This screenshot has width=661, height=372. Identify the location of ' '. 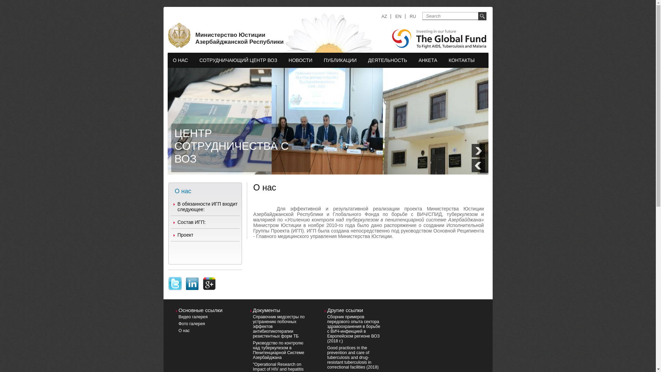
(175, 279).